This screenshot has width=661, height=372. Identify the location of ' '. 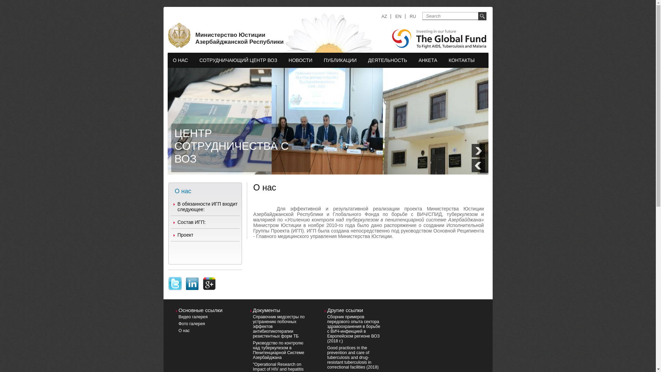
(175, 279).